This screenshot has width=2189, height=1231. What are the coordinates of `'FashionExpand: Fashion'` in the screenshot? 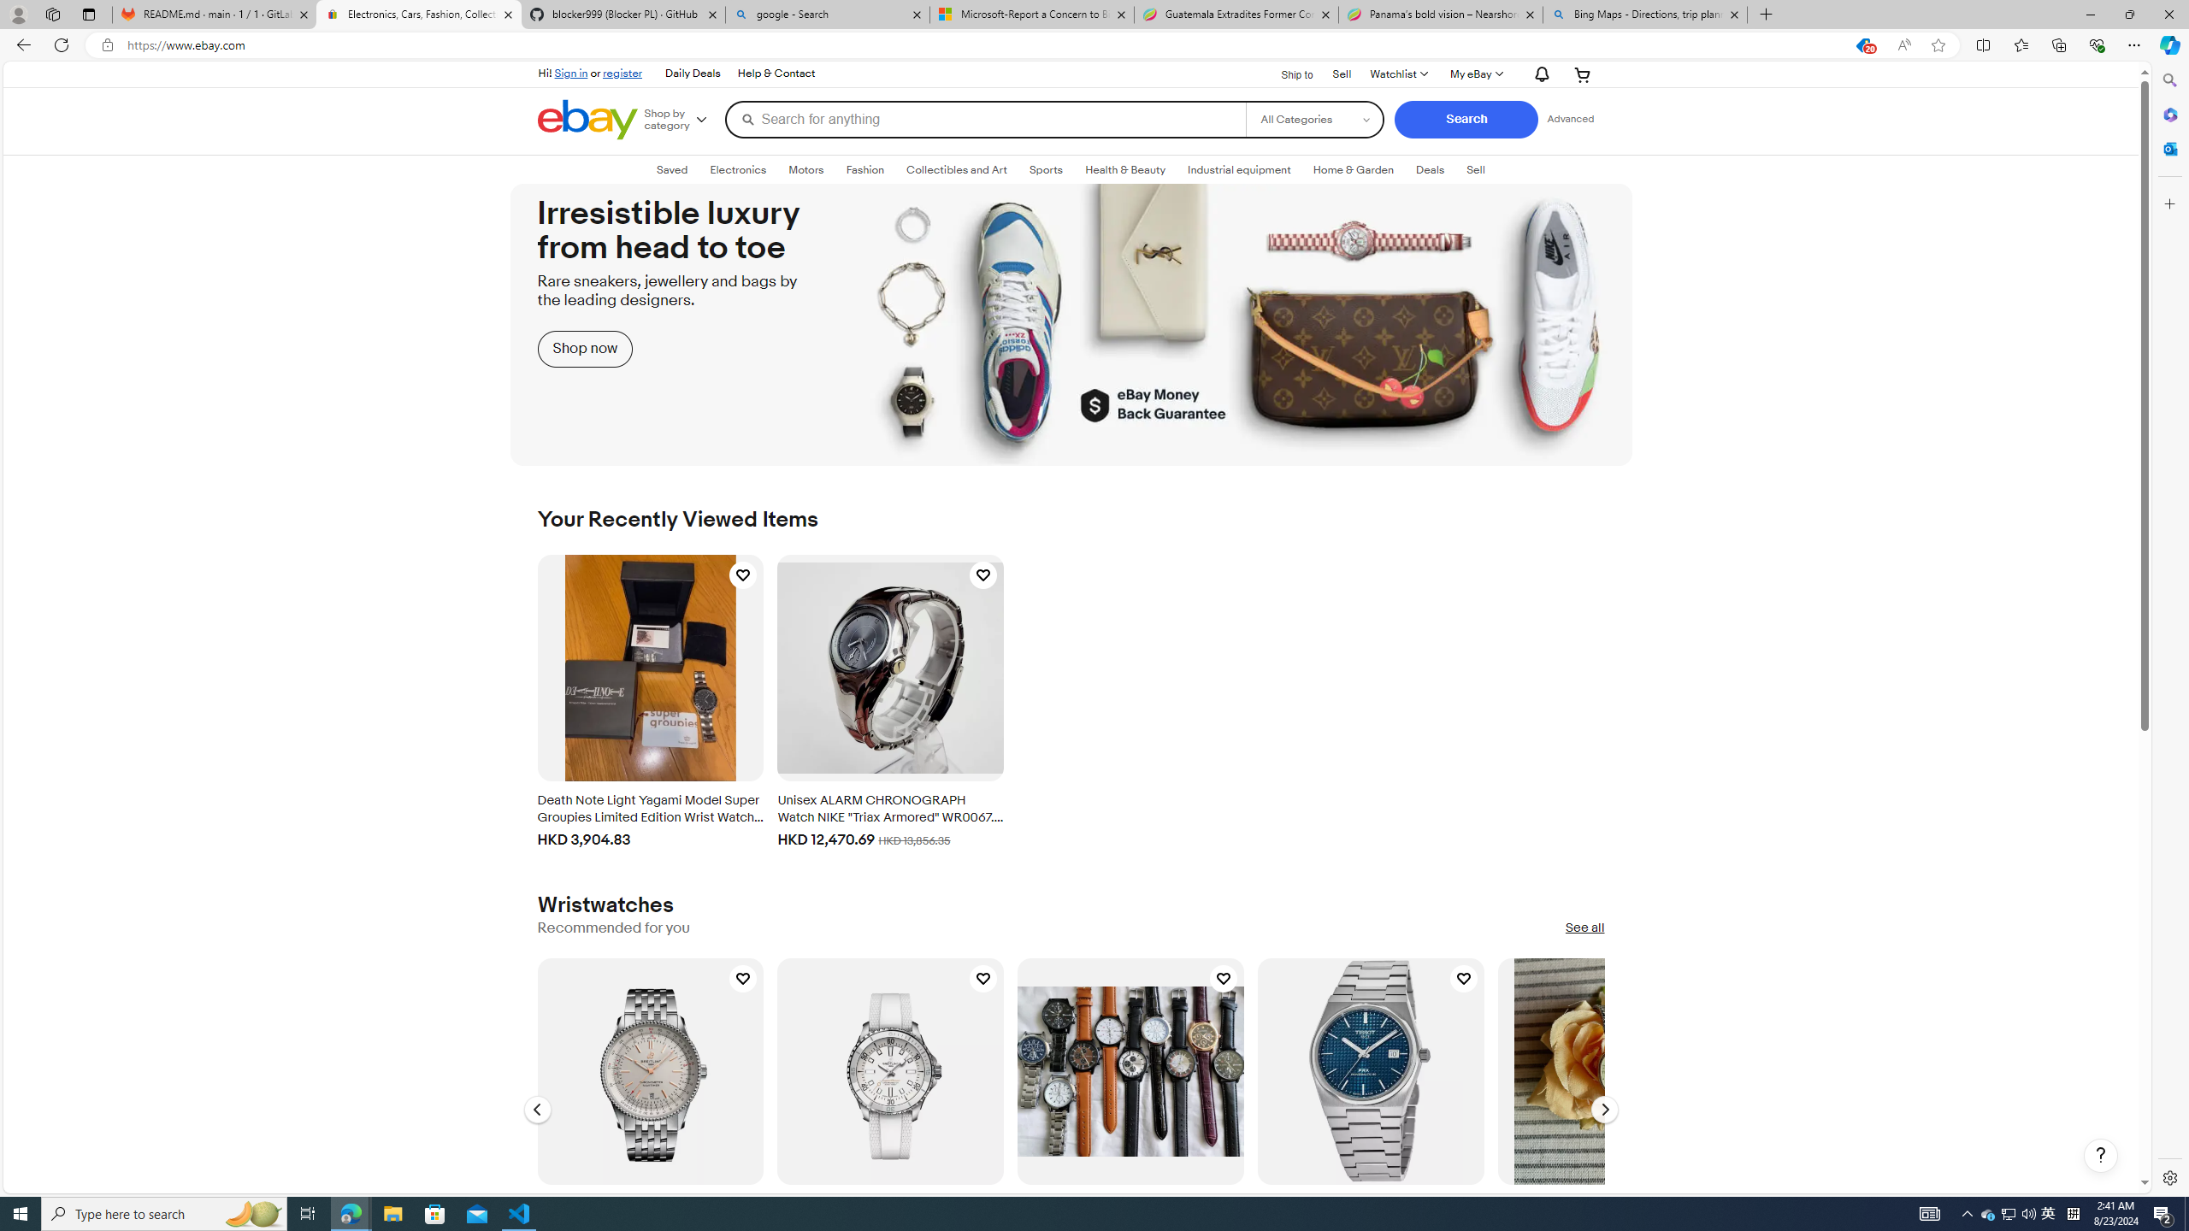 It's located at (864, 169).